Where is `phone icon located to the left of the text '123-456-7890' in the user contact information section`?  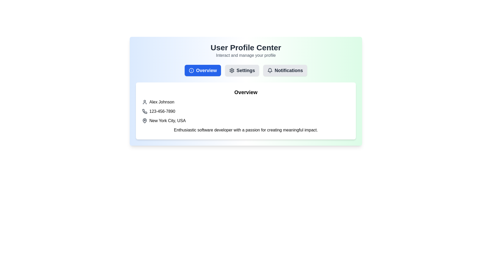
phone icon located to the left of the text '123-456-7890' in the user contact information section is located at coordinates (145, 111).